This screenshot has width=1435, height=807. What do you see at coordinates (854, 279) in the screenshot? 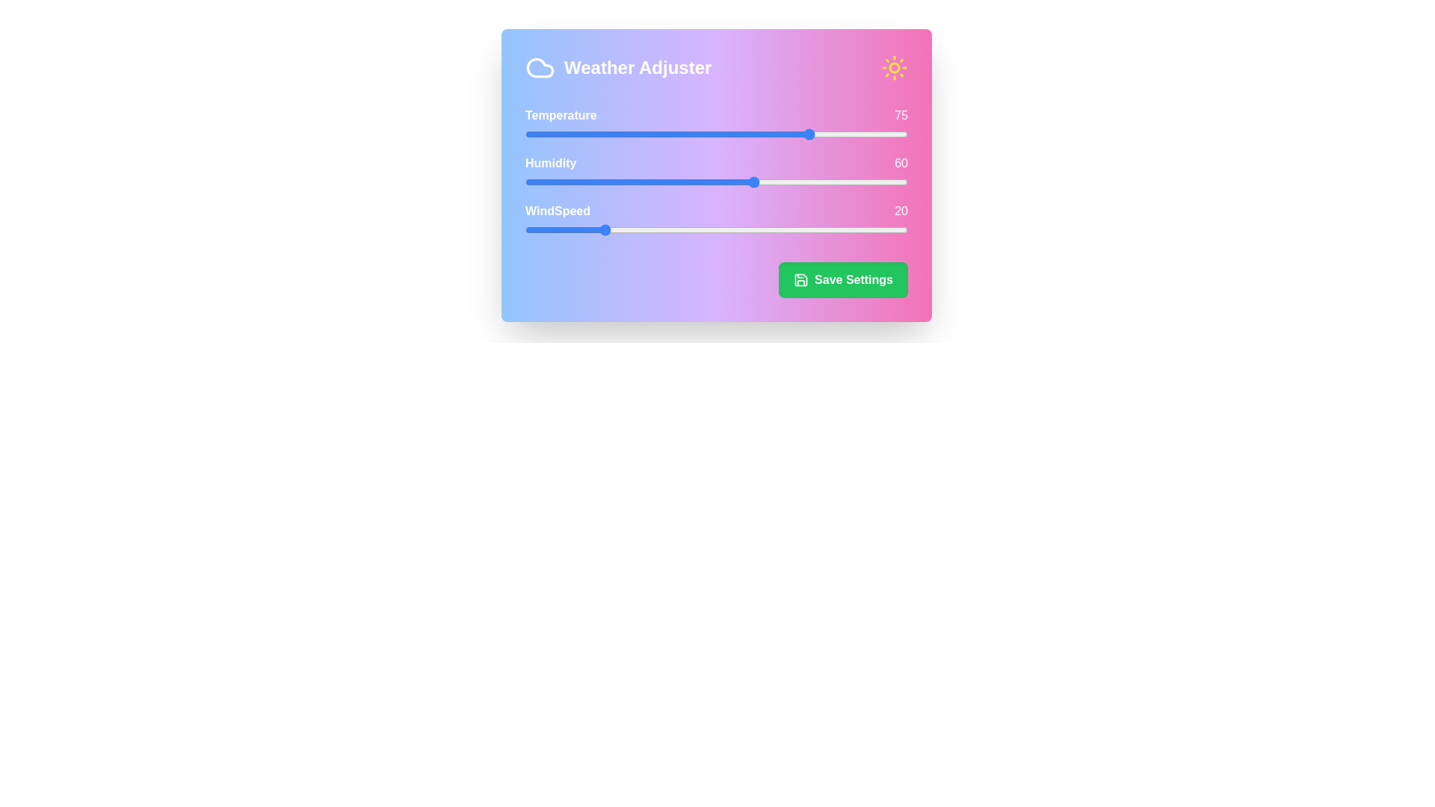
I see `the 'Save Settings' text label displayed in bold white font on a green background, which is located to the right of a floppy disk icon` at bounding box center [854, 279].